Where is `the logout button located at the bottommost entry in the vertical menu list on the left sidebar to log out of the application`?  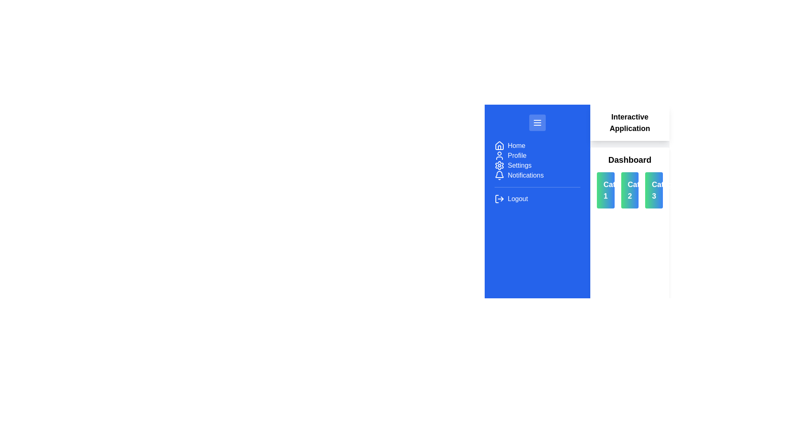 the logout button located at the bottommost entry in the vertical menu list on the left sidebar to log out of the application is located at coordinates (537, 199).